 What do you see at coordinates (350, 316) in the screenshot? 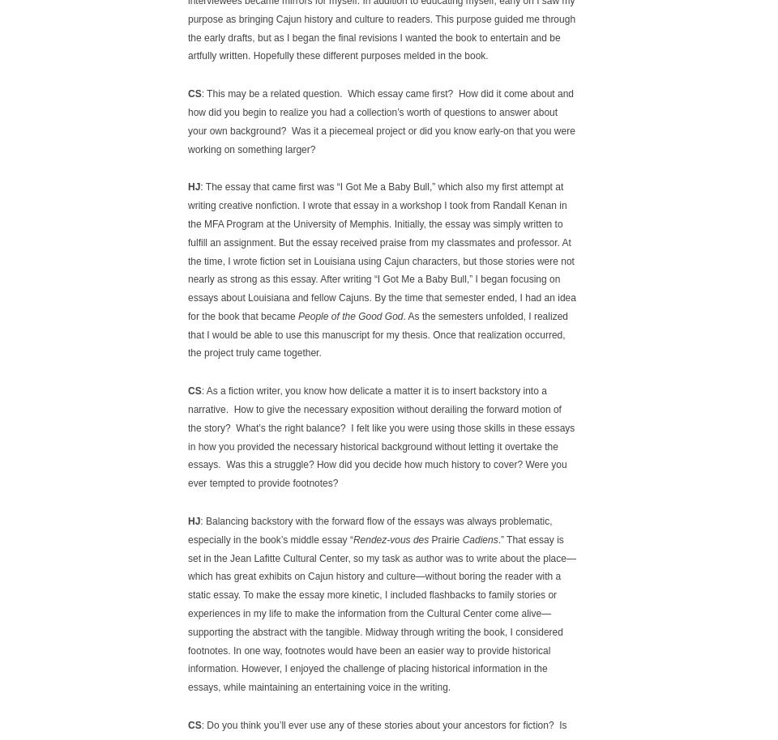
I see `'People of the Good God'` at bounding box center [350, 316].